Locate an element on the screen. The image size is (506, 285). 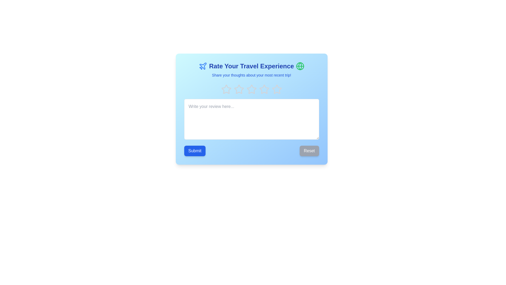
the circular shape at the center of the globe icon, which is located on the right side of the 'Rate Your Travel Experience' title area is located at coordinates (300, 66).